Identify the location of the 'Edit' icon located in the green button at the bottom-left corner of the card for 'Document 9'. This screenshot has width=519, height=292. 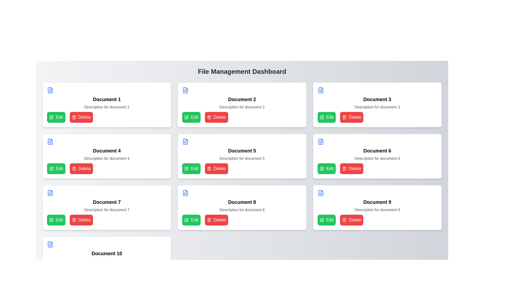
(322, 220).